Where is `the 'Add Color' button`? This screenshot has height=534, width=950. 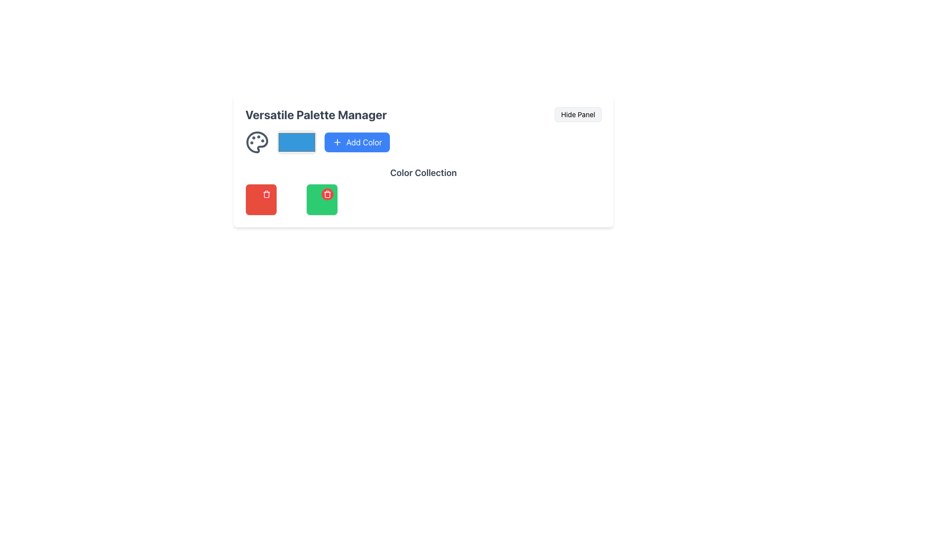
the 'Add Color' button is located at coordinates (337, 142).